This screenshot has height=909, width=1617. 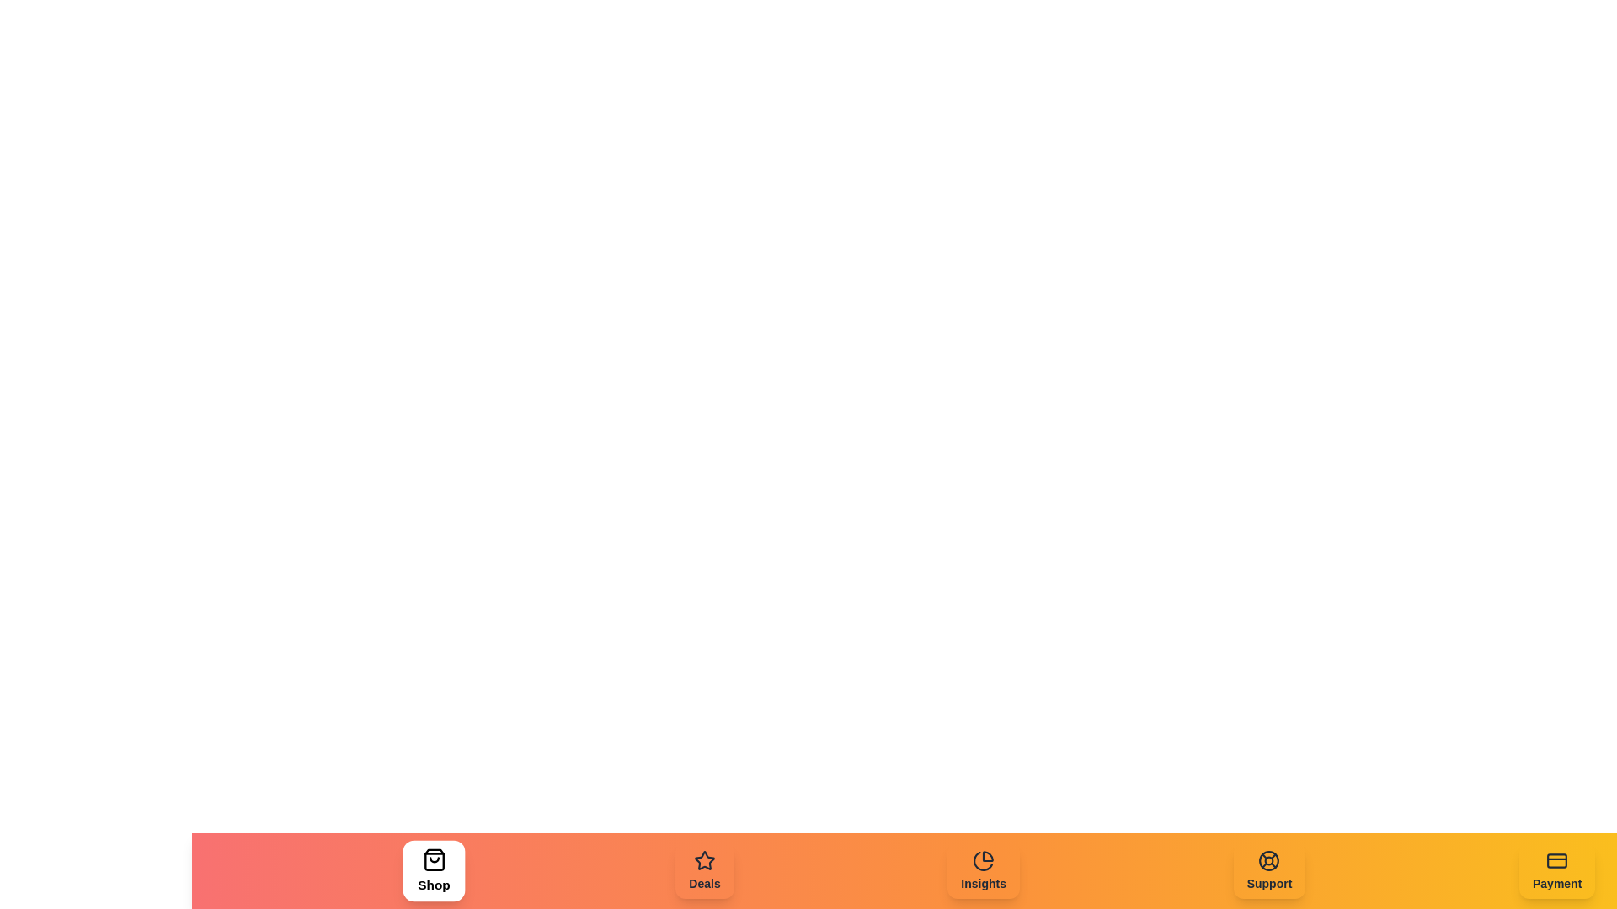 I want to click on the tab labeled 'Insights' to observe its hover effect, so click(x=984, y=870).